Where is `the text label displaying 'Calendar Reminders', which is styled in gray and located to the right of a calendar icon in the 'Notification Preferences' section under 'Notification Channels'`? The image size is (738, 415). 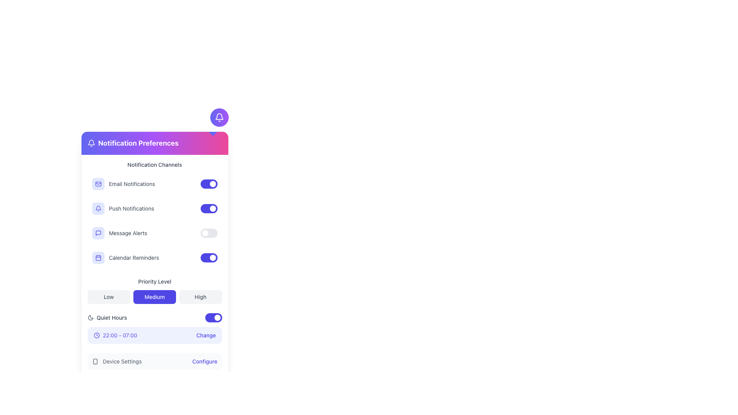
the text label displaying 'Calendar Reminders', which is styled in gray and located to the right of a calendar icon in the 'Notification Preferences' section under 'Notification Channels' is located at coordinates (134, 258).